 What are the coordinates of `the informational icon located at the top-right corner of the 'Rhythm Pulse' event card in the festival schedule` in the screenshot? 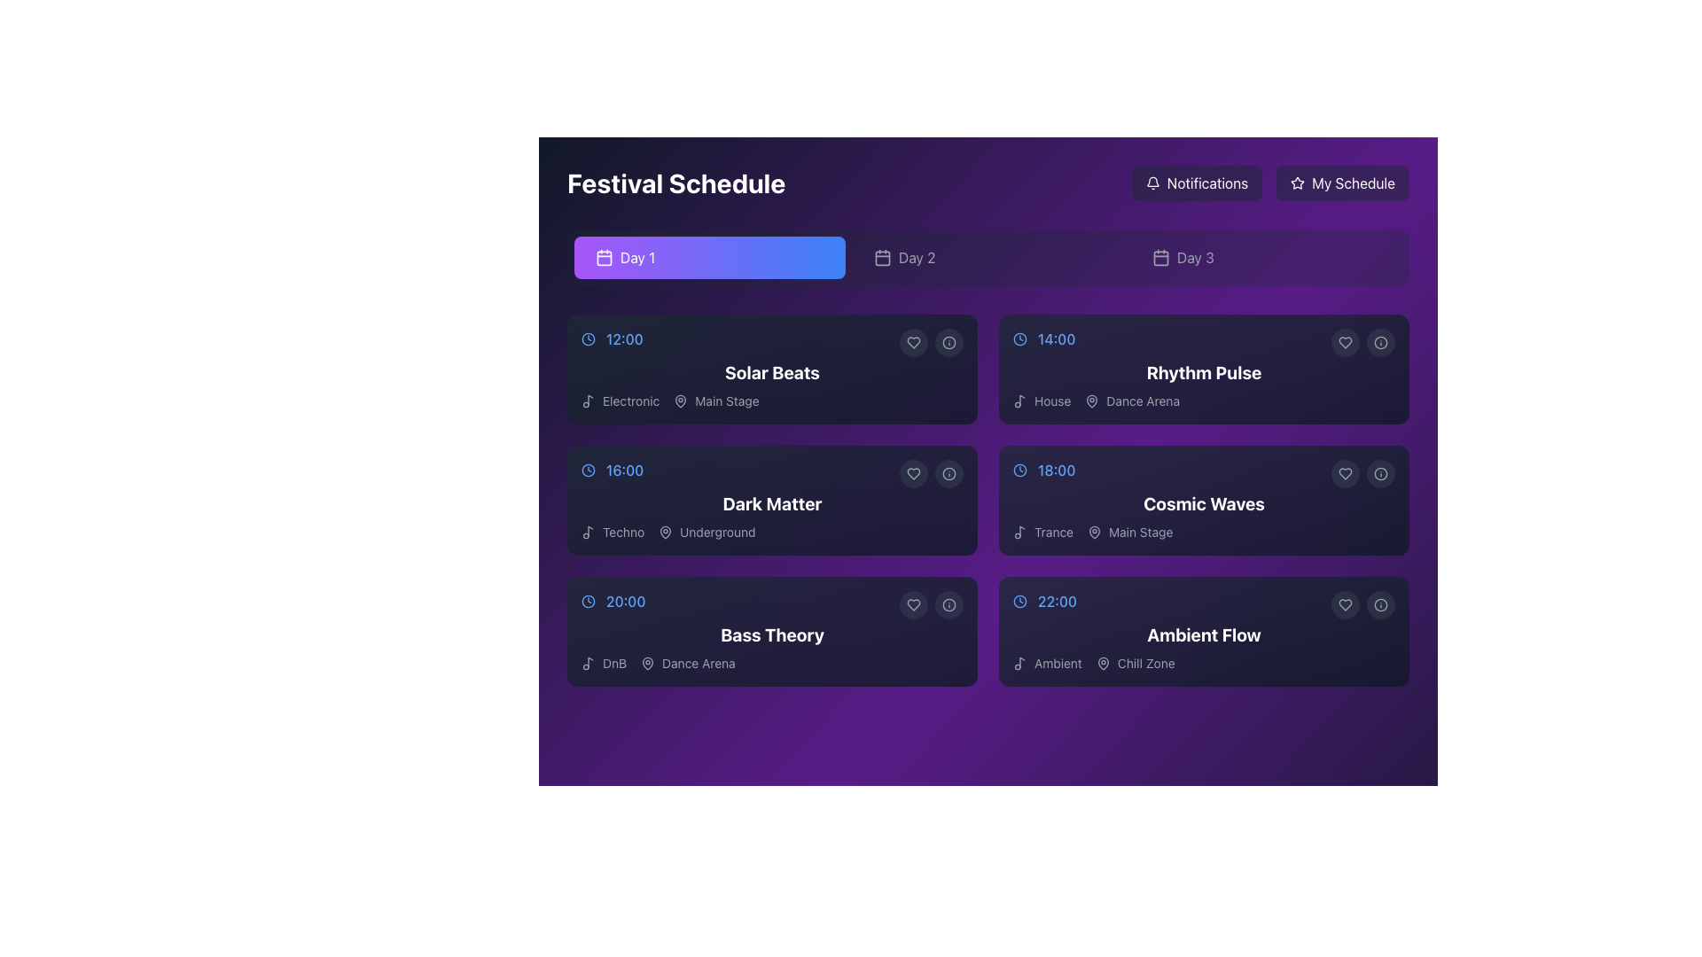 It's located at (1380, 342).